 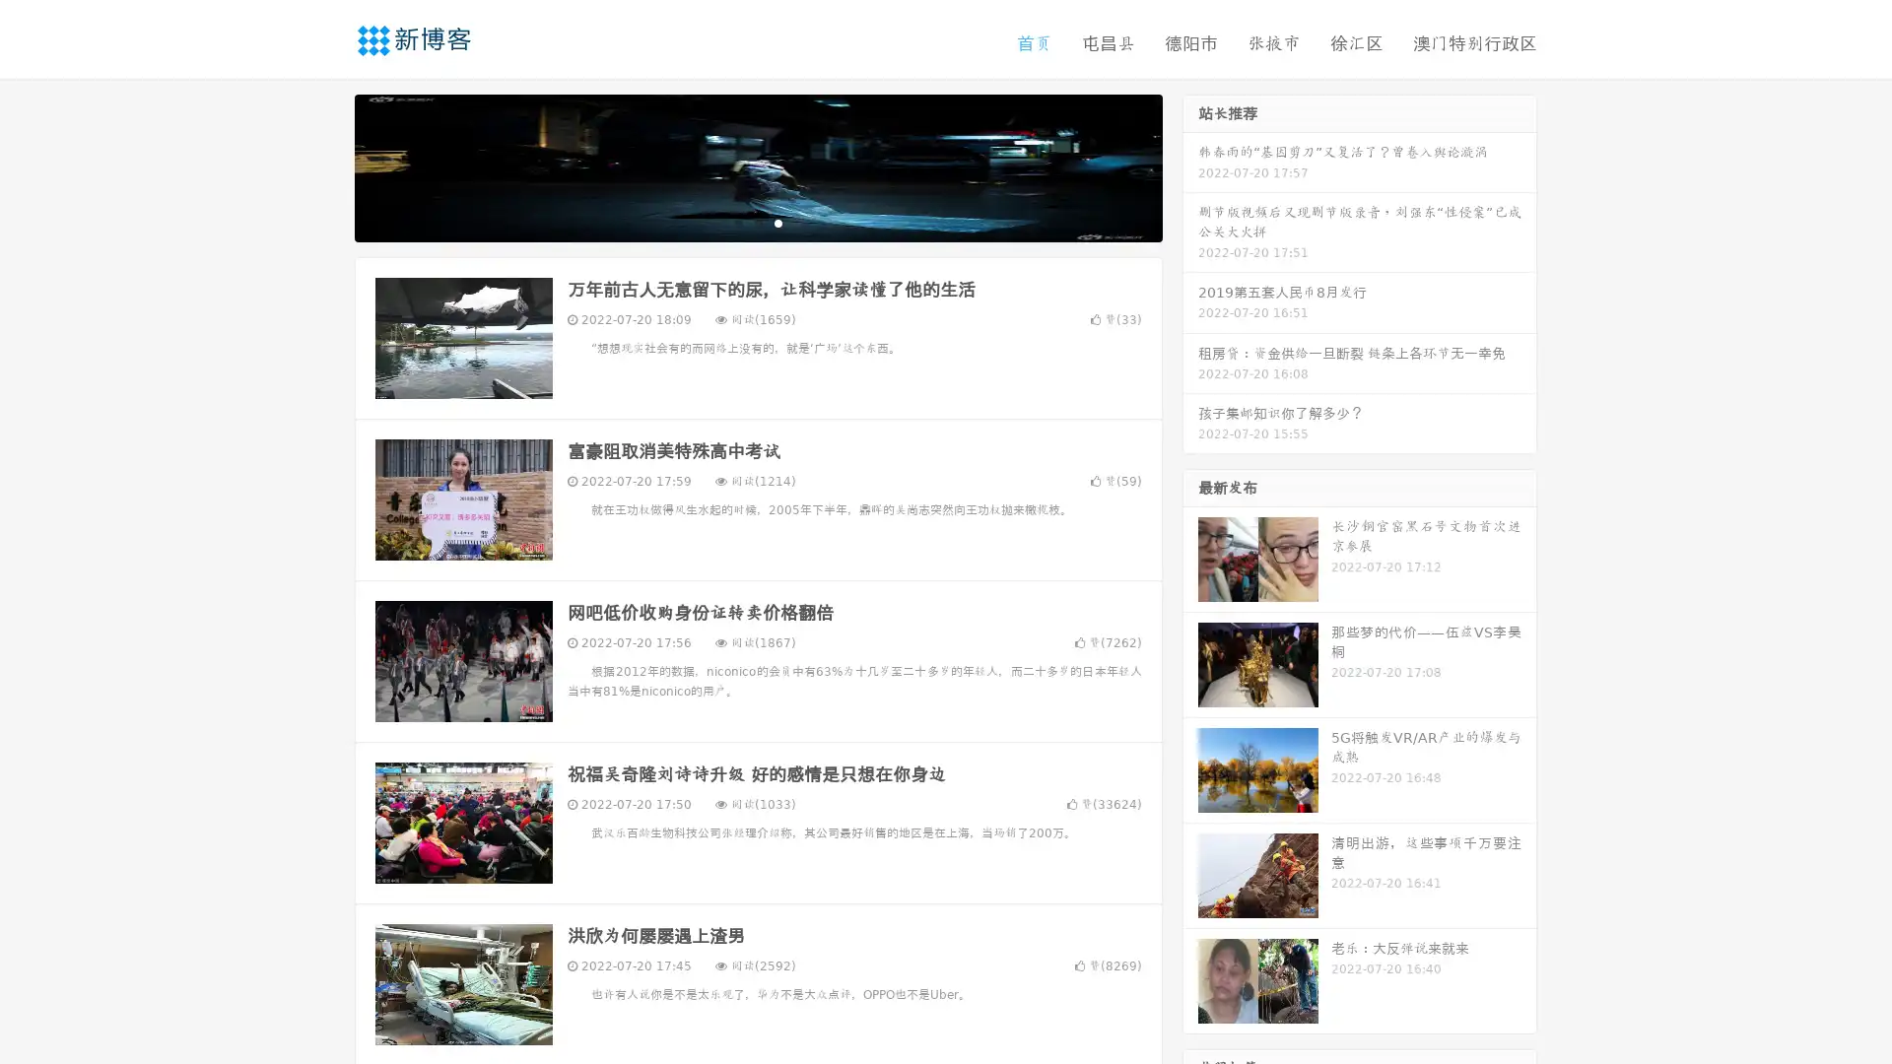 I want to click on Go to slide 1, so click(x=737, y=222).